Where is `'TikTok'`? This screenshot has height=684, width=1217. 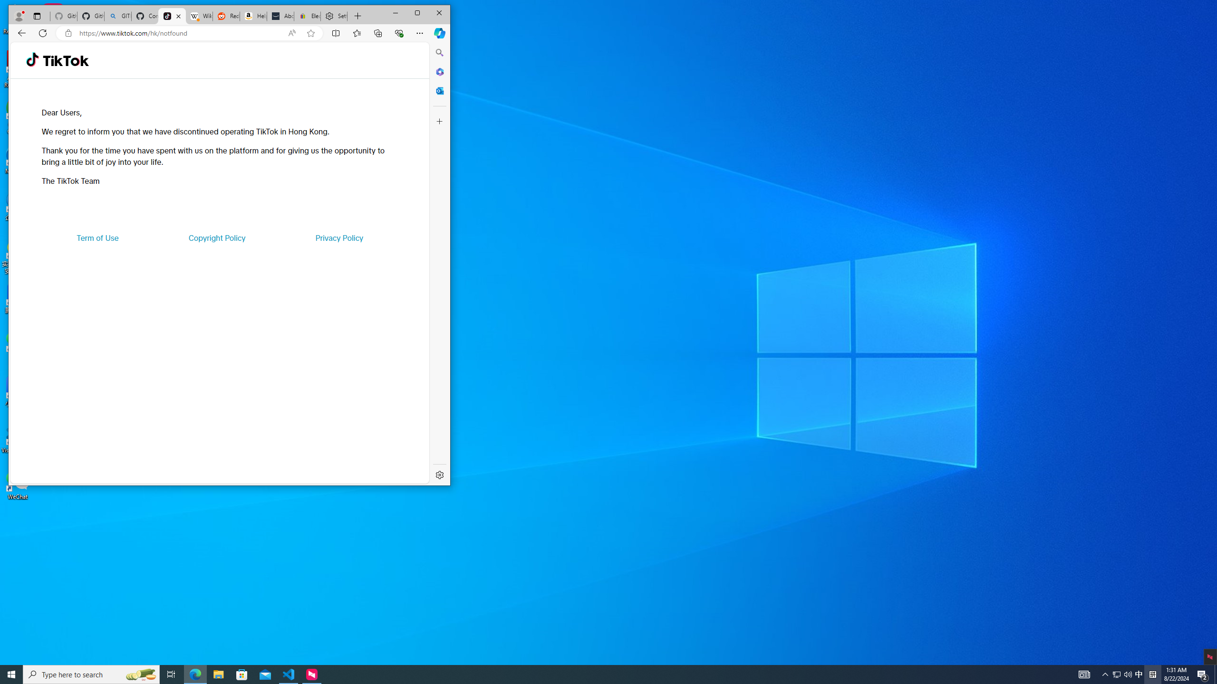 'TikTok' is located at coordinates (66, 60).